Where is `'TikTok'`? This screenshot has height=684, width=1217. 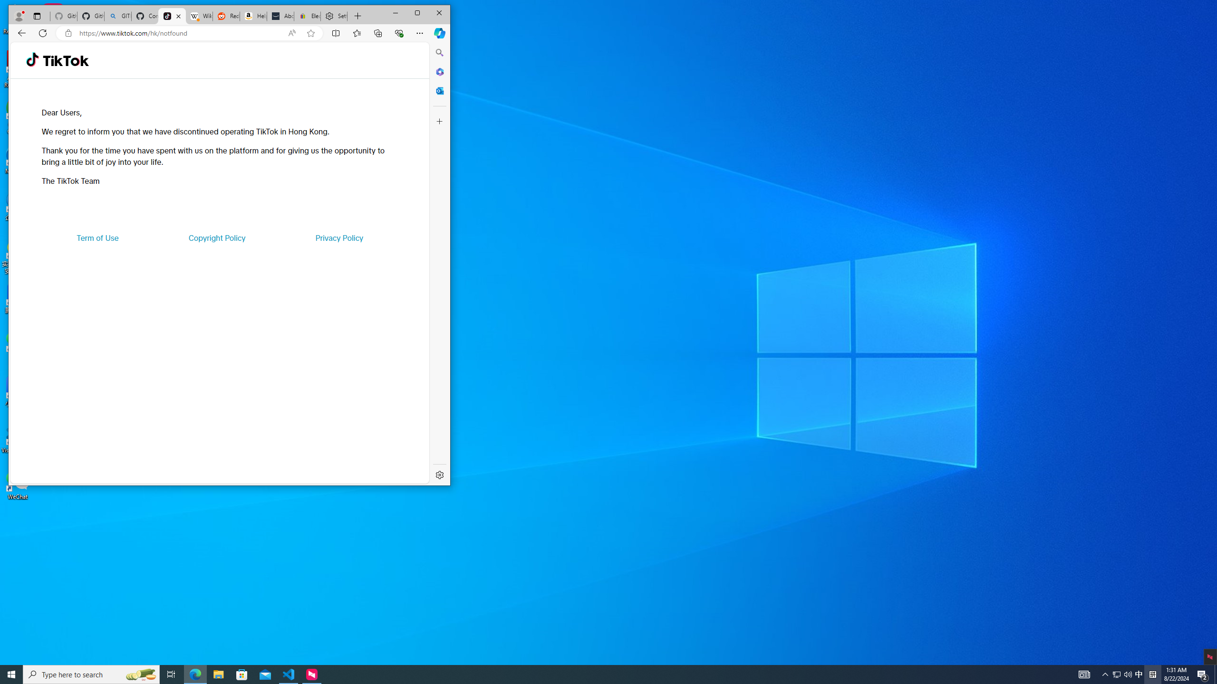 'TikTok' is located at coordinates (66, 60).